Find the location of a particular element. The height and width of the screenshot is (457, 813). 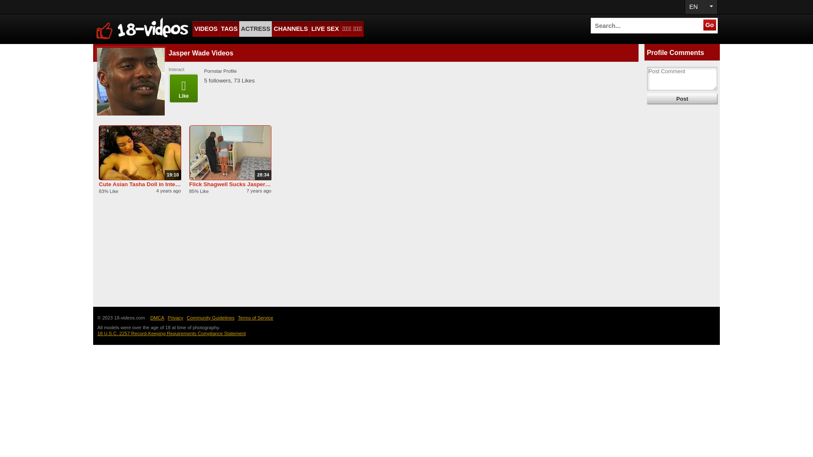

'VIDEOS' is located at coordinates (192, 28).